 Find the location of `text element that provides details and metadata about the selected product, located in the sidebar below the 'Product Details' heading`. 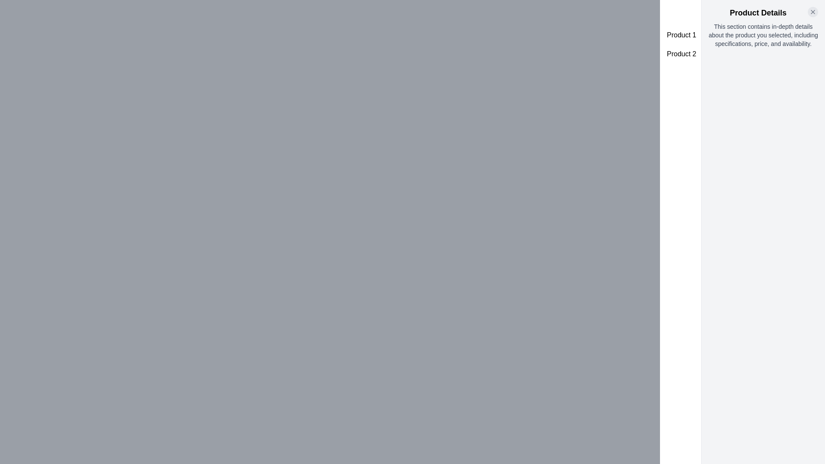

text element that provides details and metadata about the selected product, located in the sidebar below the 'Product Details' heading is located at coordinates (763, 34).